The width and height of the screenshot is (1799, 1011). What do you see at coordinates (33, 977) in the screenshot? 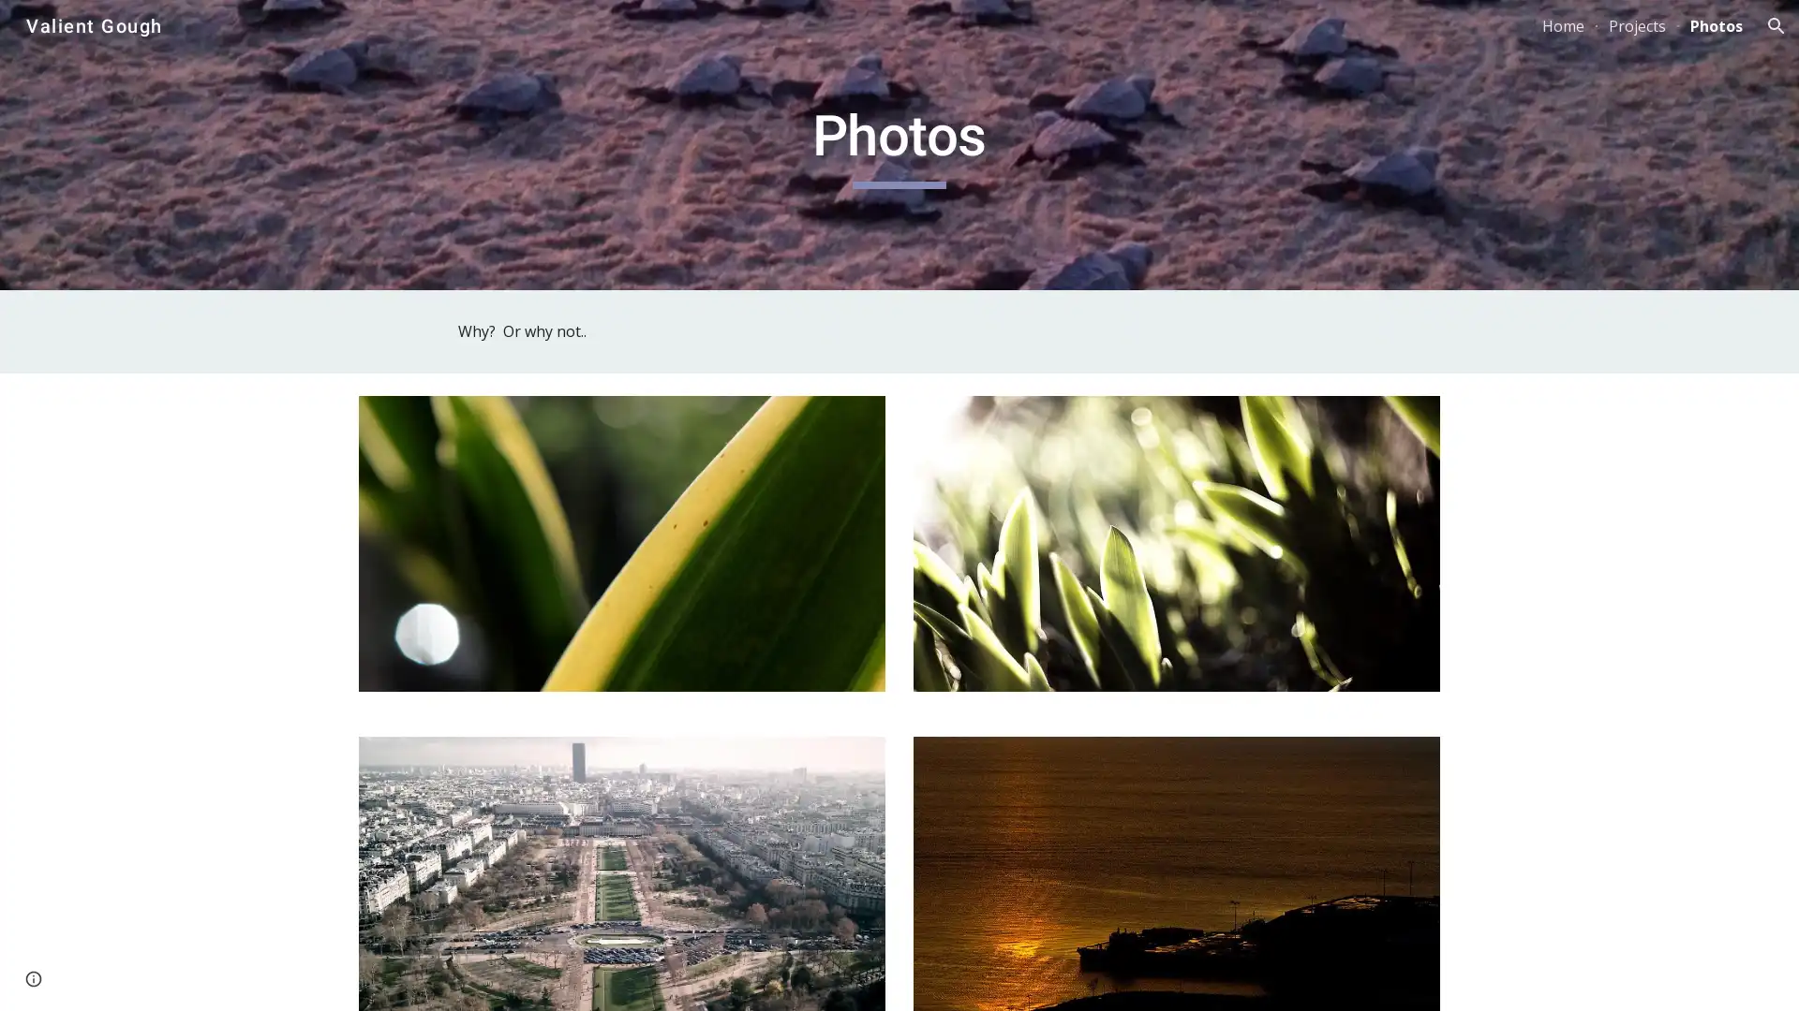
I see `Site actions` at bounding box center [33, 977].